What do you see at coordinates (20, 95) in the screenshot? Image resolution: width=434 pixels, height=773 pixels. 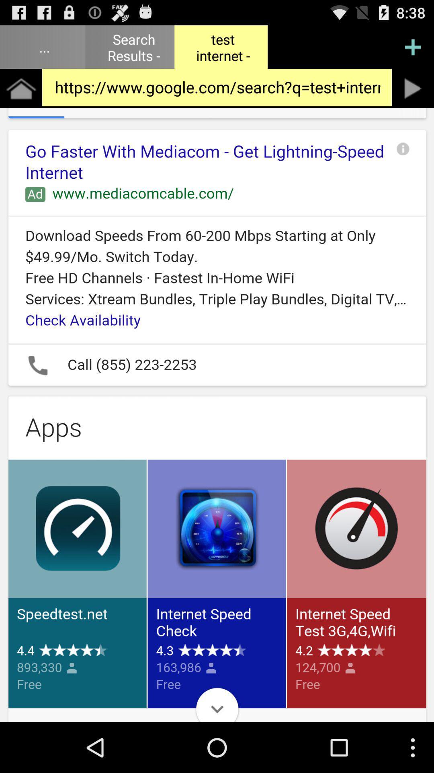 I see `the home icon` at bounding box center [20, 95].